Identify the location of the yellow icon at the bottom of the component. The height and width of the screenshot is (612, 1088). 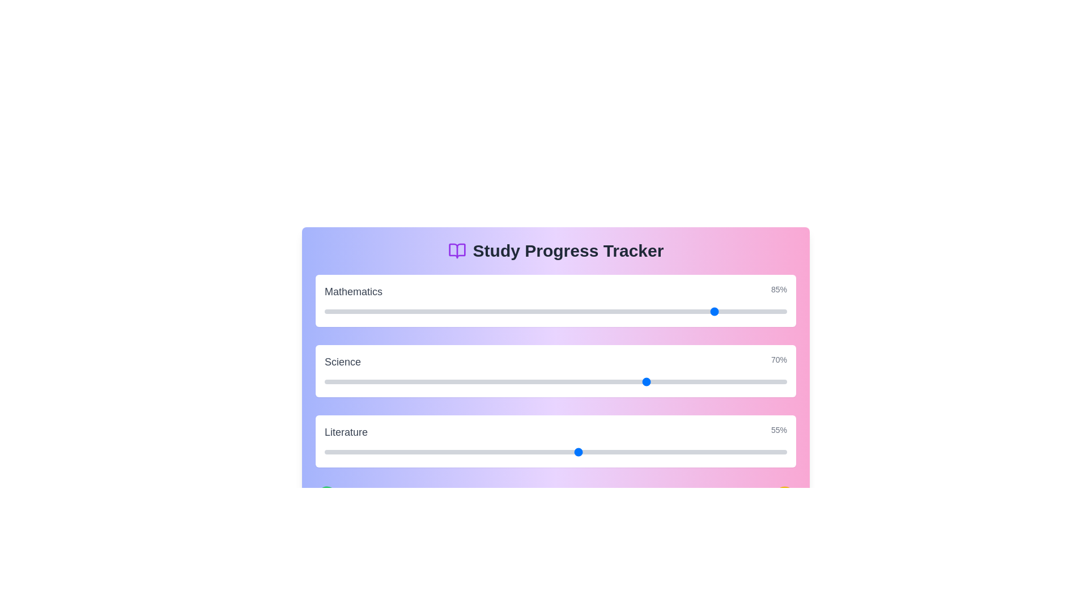
(784, 496).